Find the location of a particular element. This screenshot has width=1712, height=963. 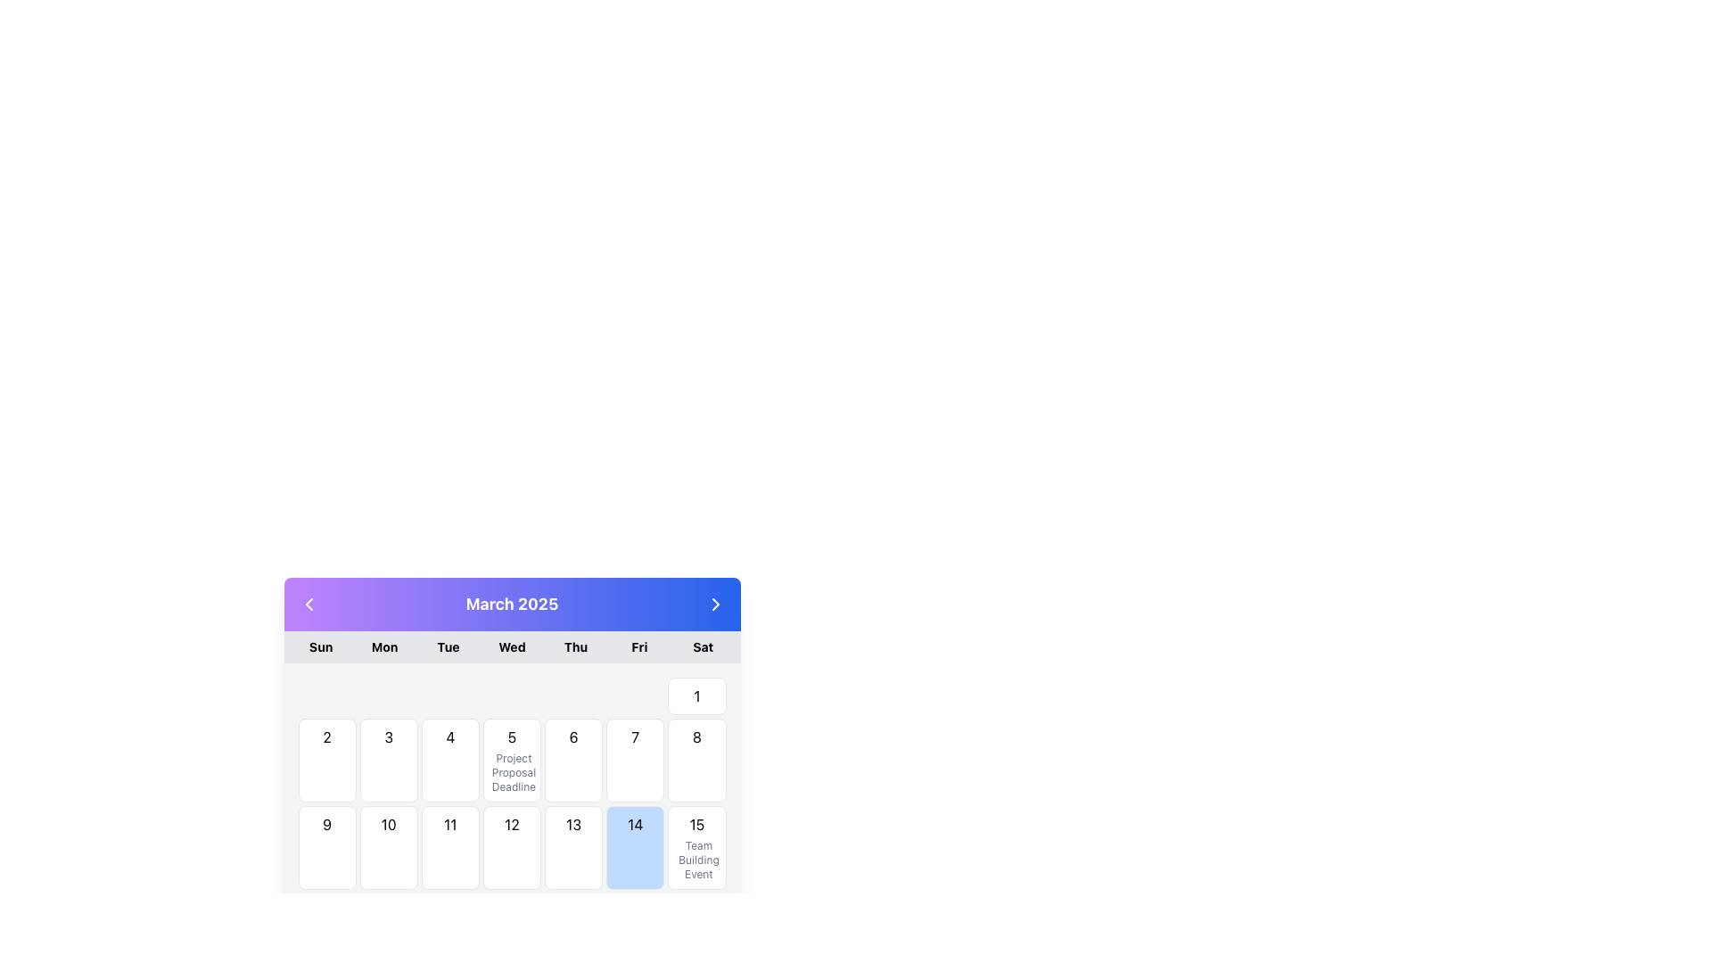

the text label displaying 'Wed', which is styled in bold, black font on a light-gray background, located in the fourth position of the header row in a calendar grid layout is located at coordinates (511, 646).